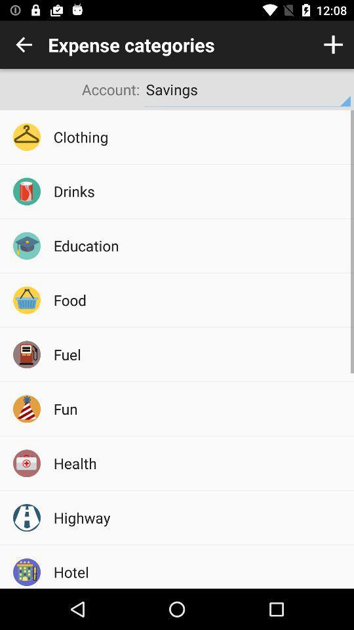 This screenshot has height=630, width=354. What do you see at coordinates (199, 136) in the screenshot?
I see `the item above the drinks item` at bounding box center [199, 136].